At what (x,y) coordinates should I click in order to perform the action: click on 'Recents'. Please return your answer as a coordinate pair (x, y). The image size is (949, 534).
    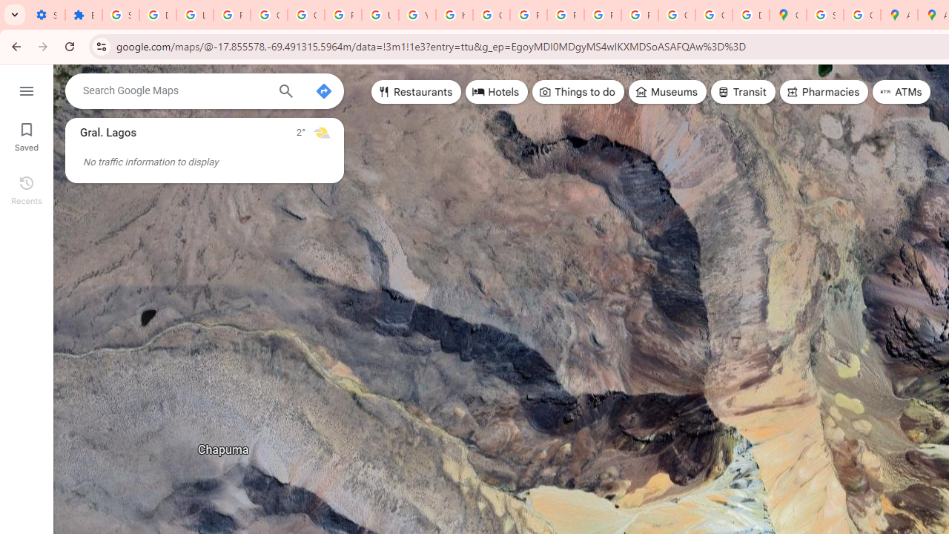
    Looking at the image, I should click on (26, 188).